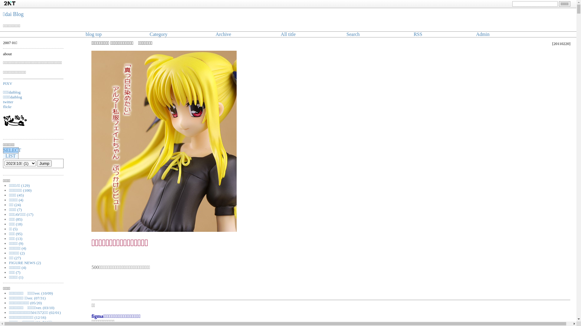  Describe the element at coordinates (8, 101) in the screenshot. I see `'twitter'` at that location.